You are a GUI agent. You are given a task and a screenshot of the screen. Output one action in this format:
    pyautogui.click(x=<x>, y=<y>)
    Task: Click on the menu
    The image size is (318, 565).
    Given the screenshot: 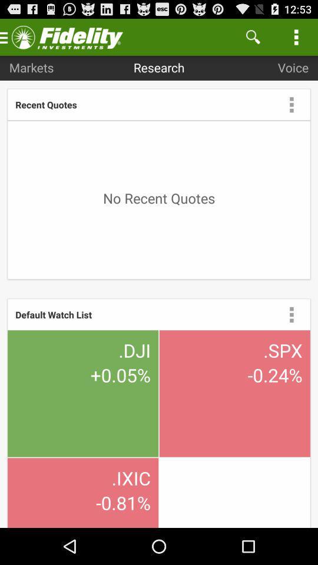 What is the action you would take?
    pyautogui.click(x=291, y=104)
    